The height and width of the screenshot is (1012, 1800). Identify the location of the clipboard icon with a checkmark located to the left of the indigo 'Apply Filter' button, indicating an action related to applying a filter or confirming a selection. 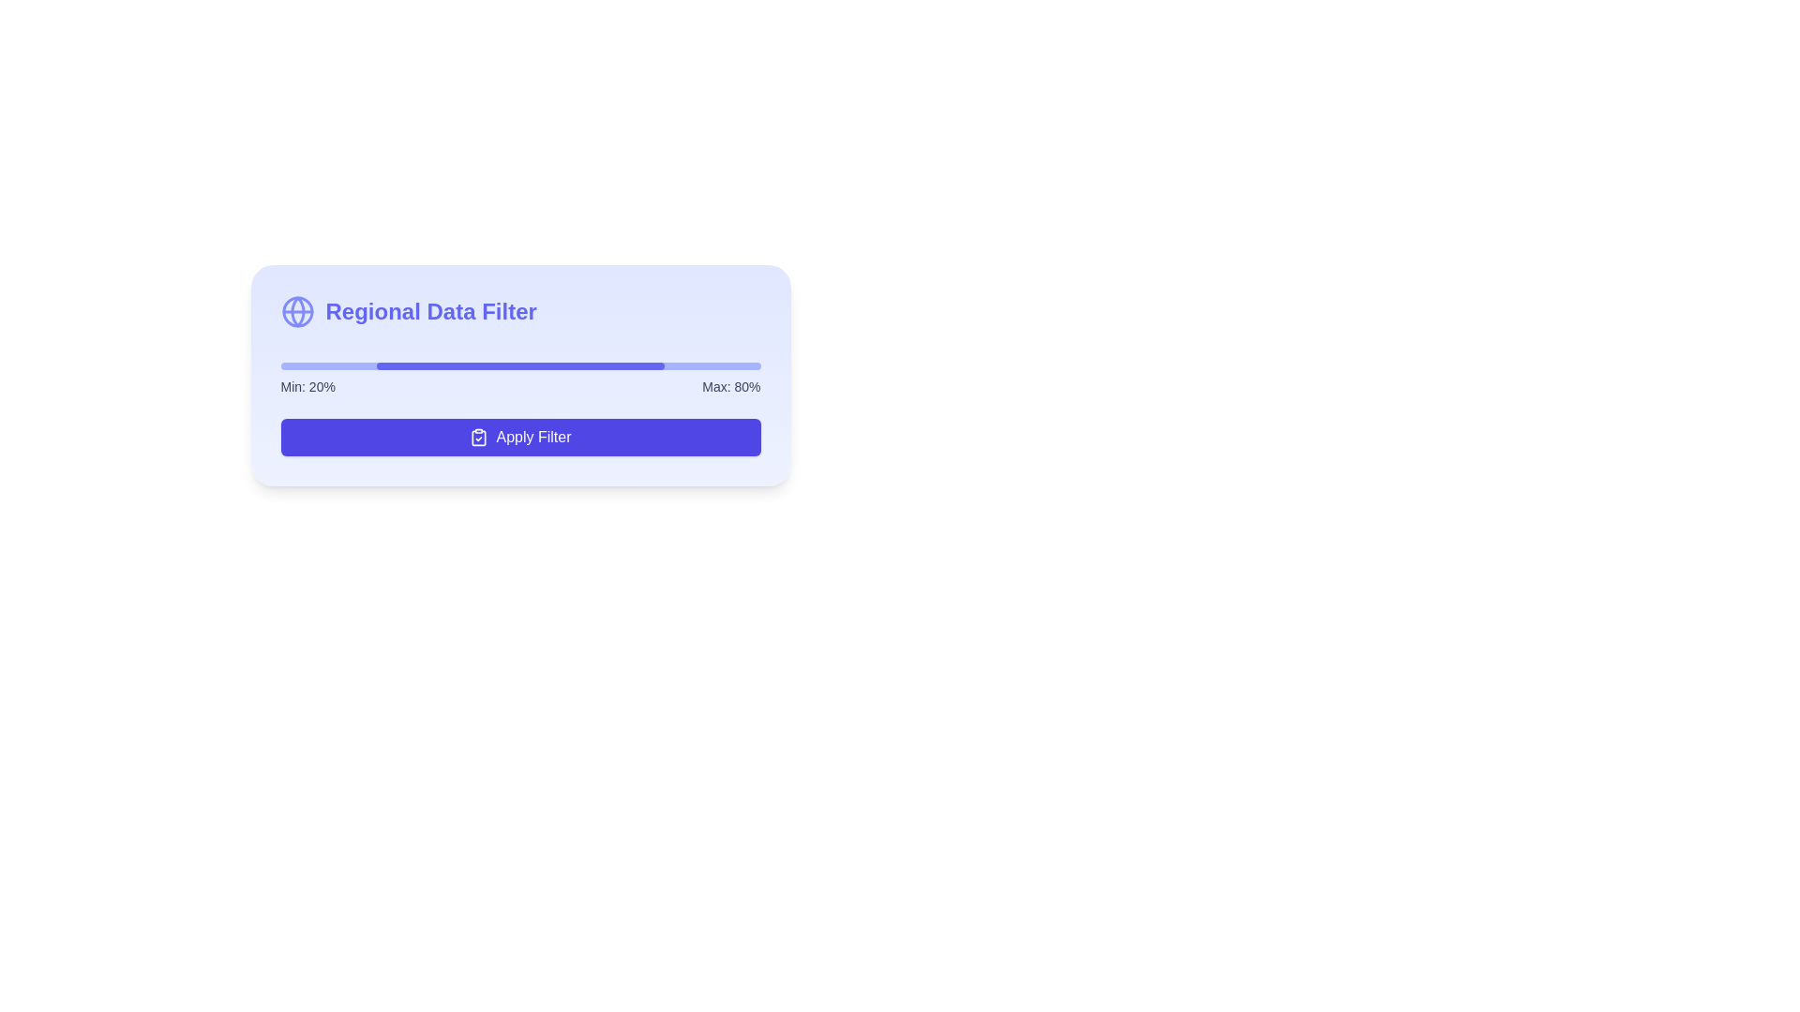
(479, 437).